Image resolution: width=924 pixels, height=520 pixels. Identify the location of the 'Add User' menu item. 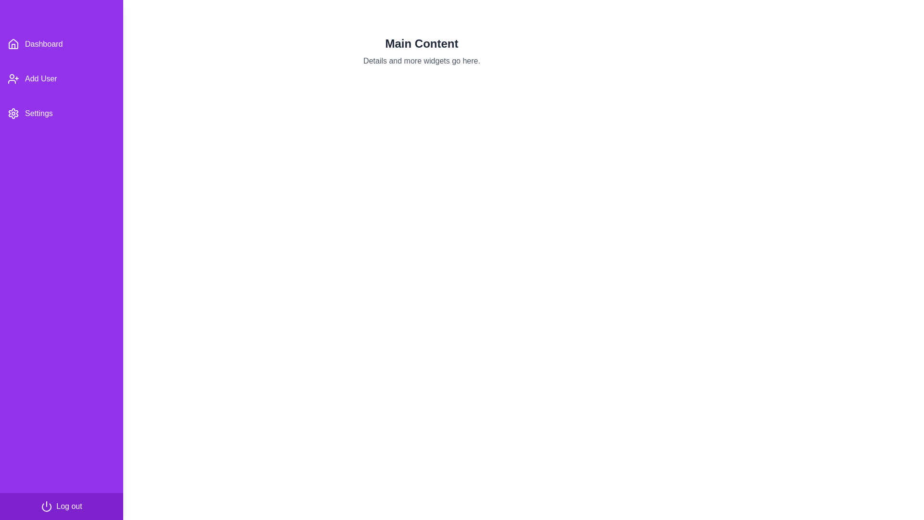
(61, 78).